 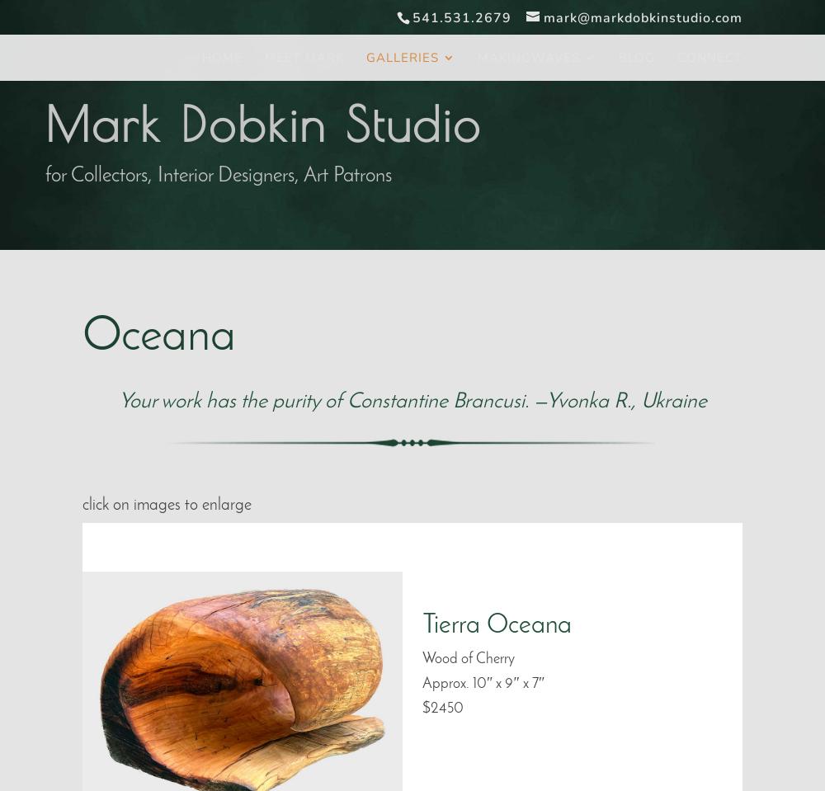 I want to click on 'Your work has the purity of Constantine Brancusi. —Yvonka R., Ukraine', so click(x=411, y=401).